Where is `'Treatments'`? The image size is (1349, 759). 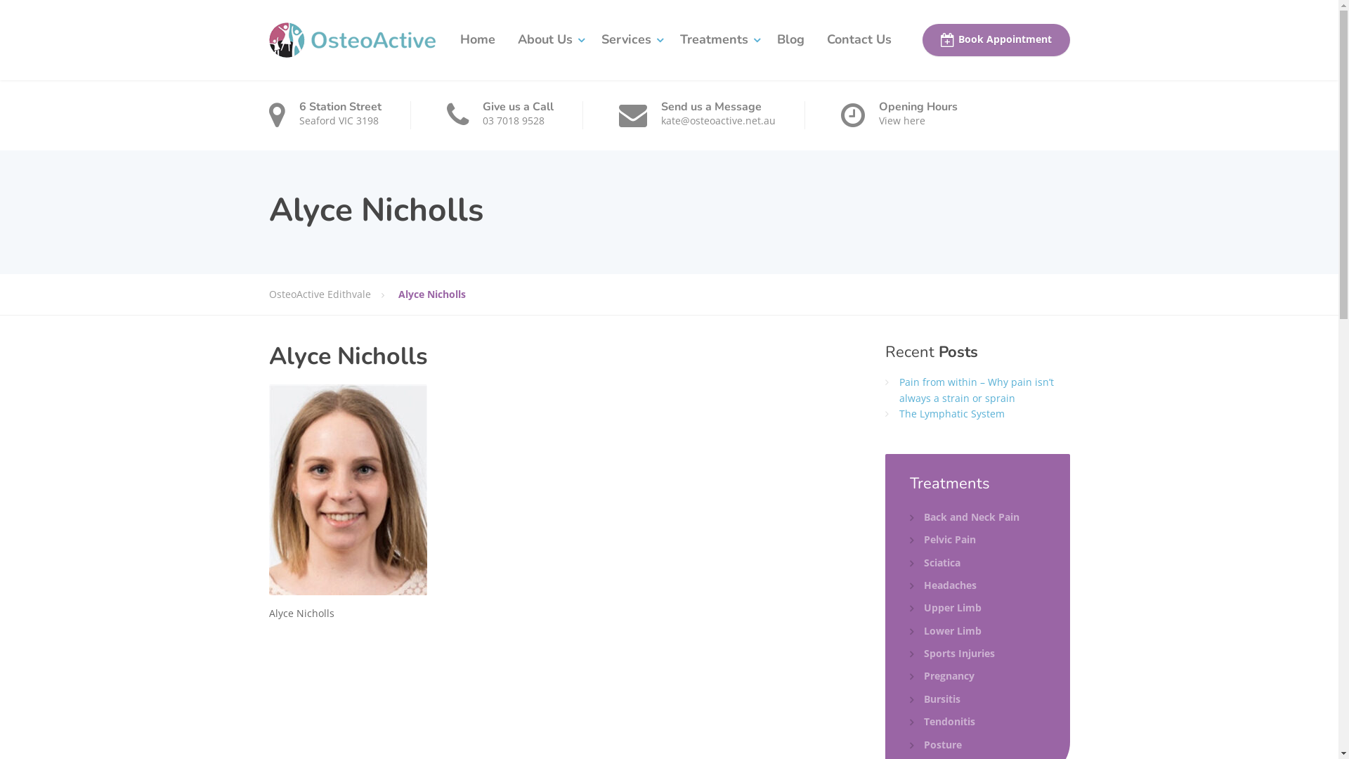
'Treatments' is located at coordinates (717, 39).